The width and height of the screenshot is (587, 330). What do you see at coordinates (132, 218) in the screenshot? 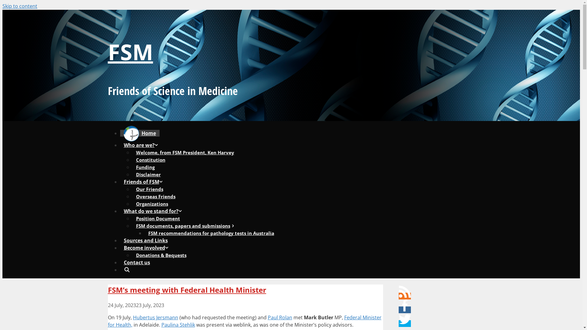
I see `'Position Document'` at bounding box center [132, 218].